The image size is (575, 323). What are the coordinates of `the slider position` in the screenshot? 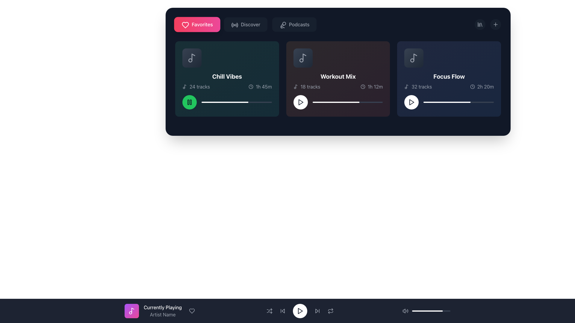 It's located at (453, 102).